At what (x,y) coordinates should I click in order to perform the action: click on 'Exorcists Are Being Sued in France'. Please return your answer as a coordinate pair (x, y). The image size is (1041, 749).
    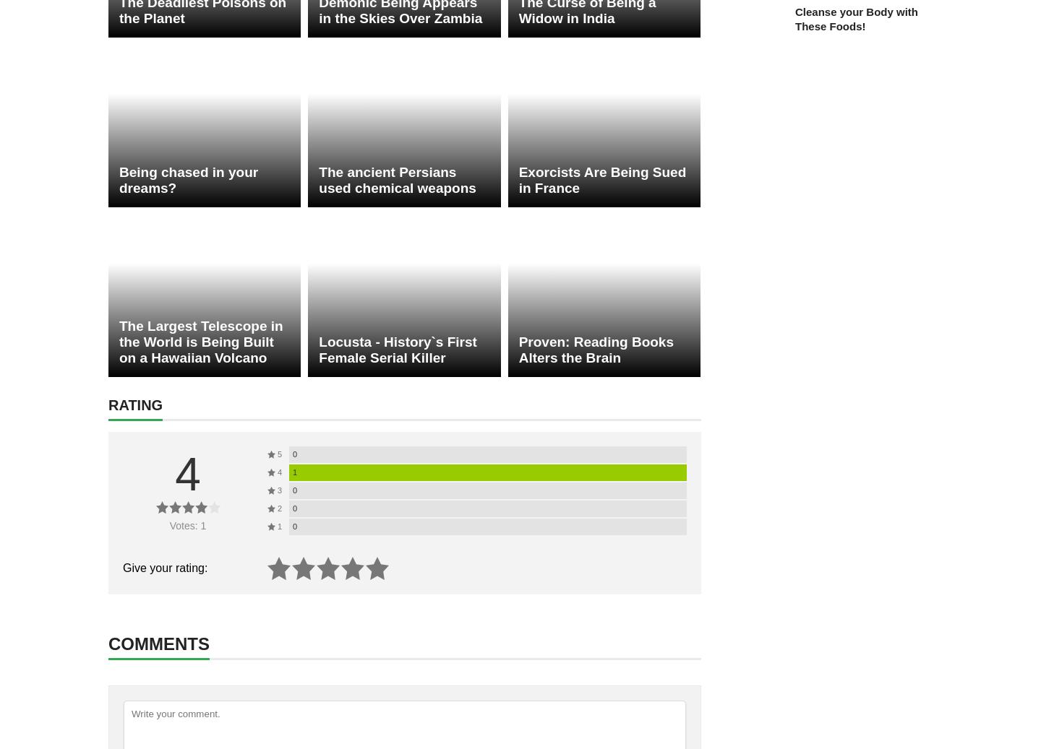
    Looking at the image, I should click on (602, 179).